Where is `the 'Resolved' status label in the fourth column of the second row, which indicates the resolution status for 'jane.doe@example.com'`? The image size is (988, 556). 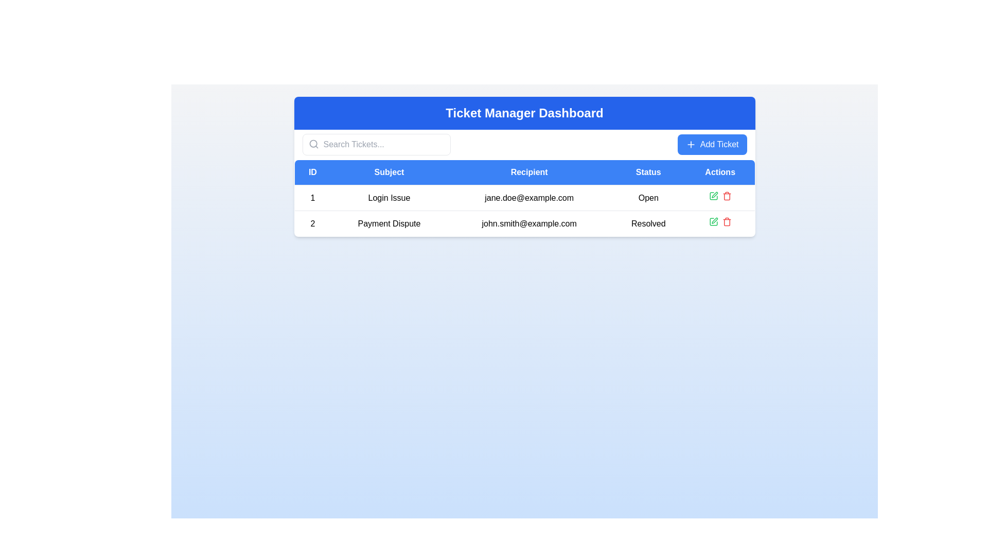
the 'Resolved' status label in the fourth column of the second row, which indicates the resolution status for 'jane.doe@example.com' is located at coordinates (648, 223).